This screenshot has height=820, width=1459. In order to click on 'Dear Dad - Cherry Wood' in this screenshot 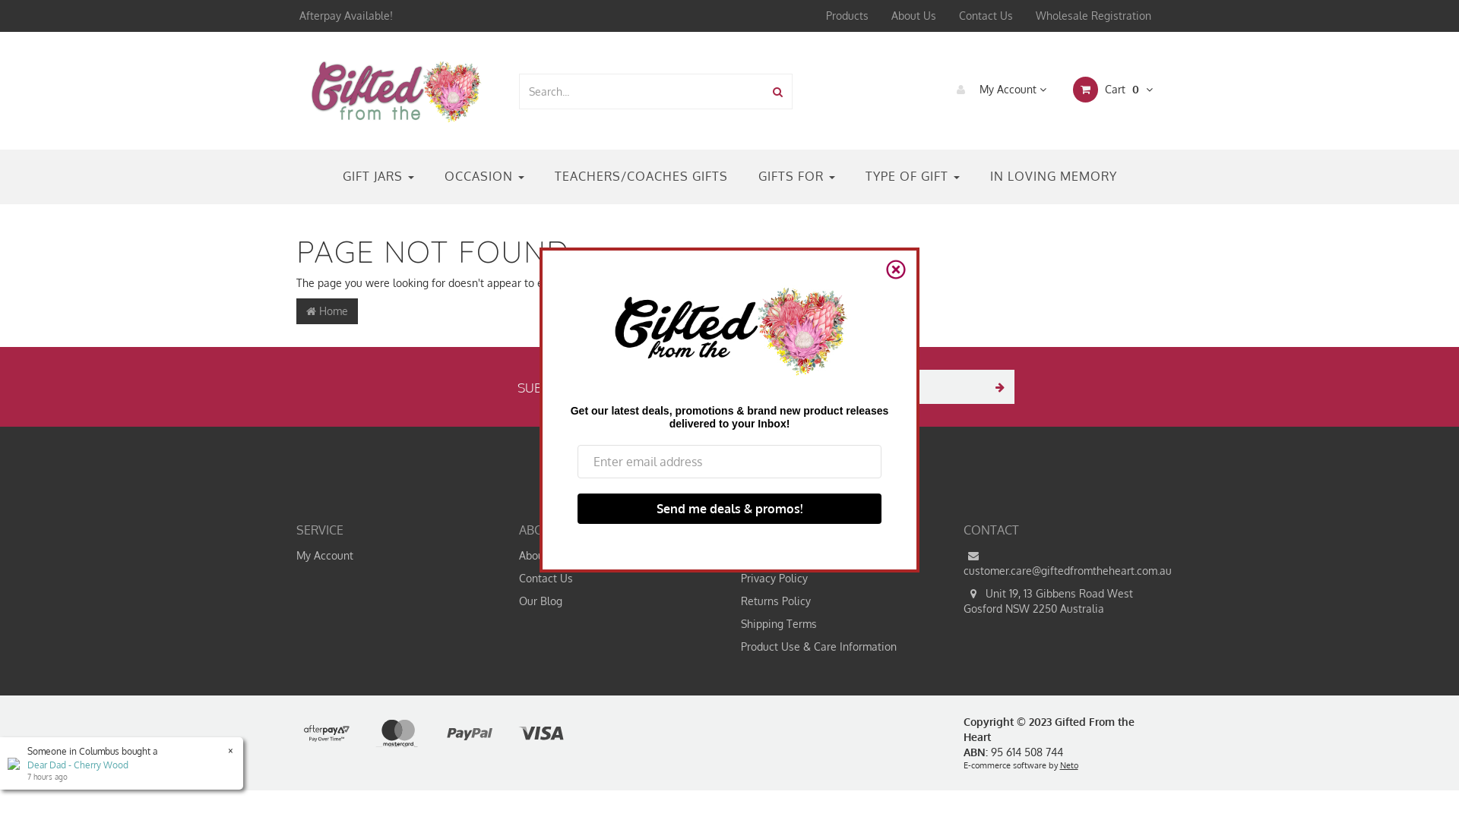, I will do `click(27, 765)`.